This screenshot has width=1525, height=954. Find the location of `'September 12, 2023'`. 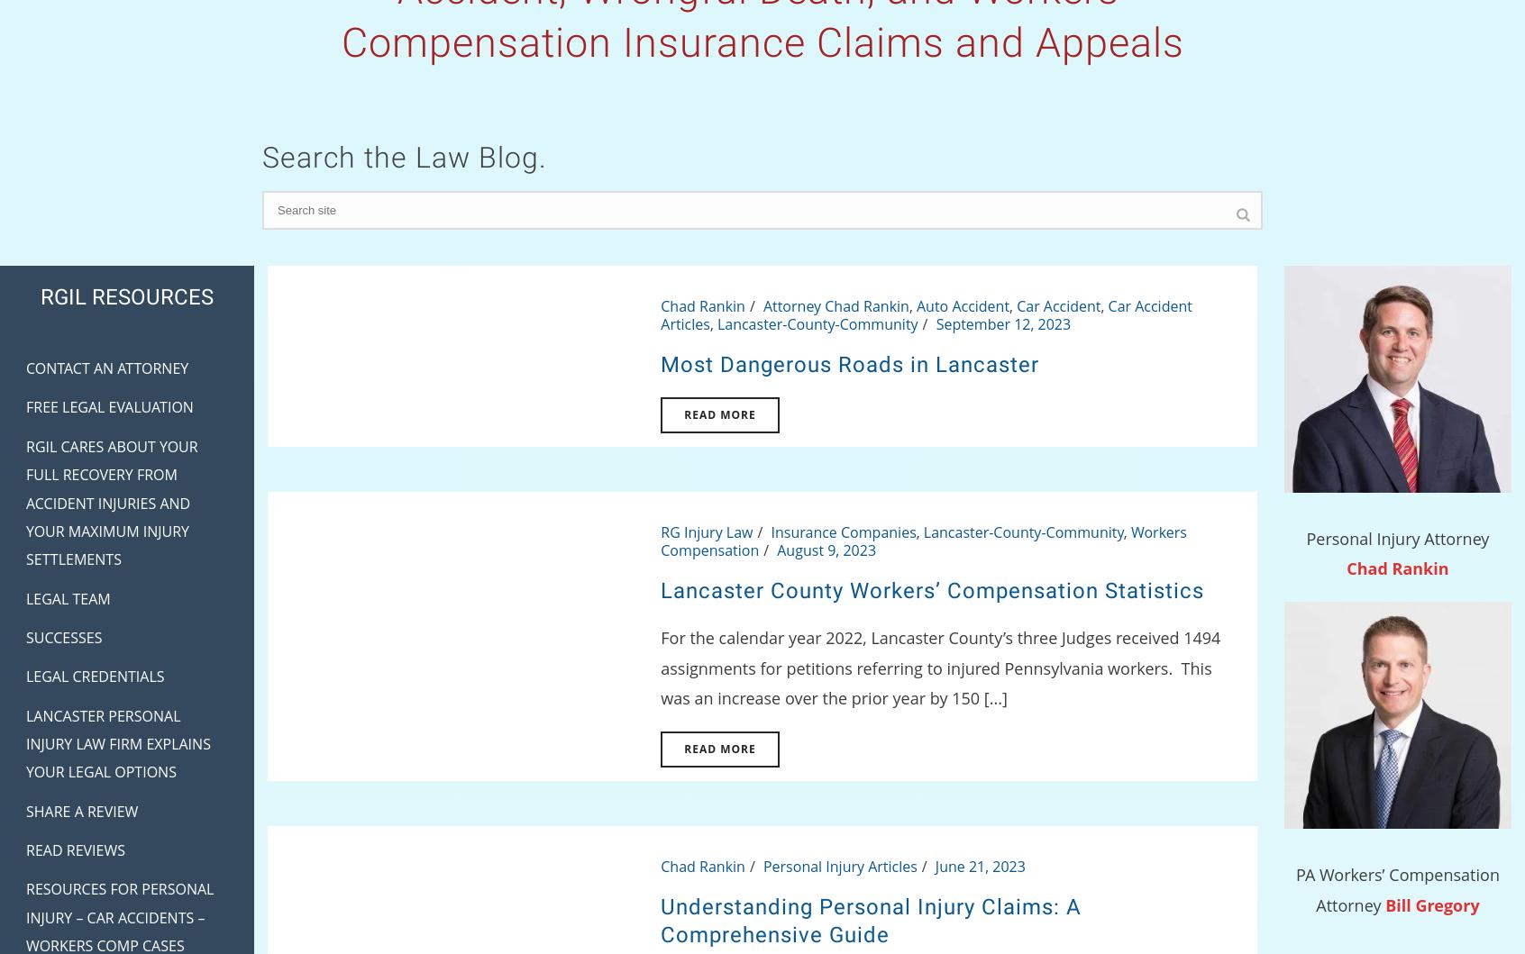

'September 12, 2023' is located at coordinates (1002, 323).